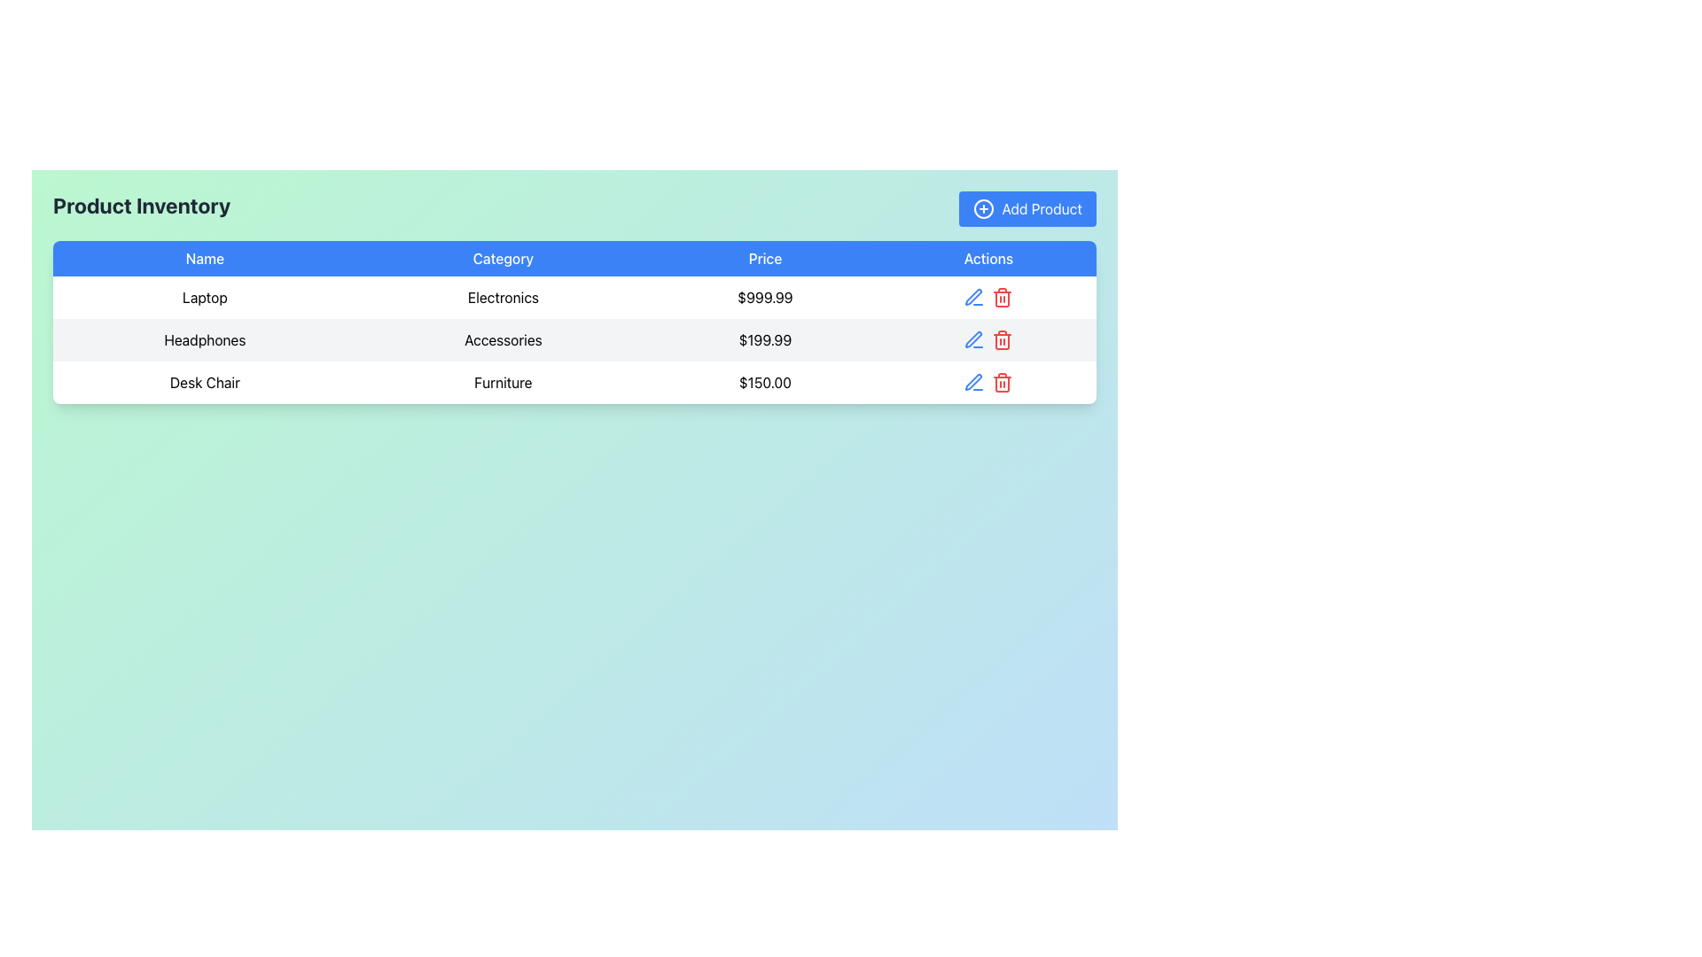 This screenshot has height=957, width=1702. What do you see at coordinates (1003, 340) in the screenshot?
I see `the red trash can icon button located in the 'Actions' column of the second row for the 'Headphones' product entry to initiate the delete action` at bounding box center [1003, 340].